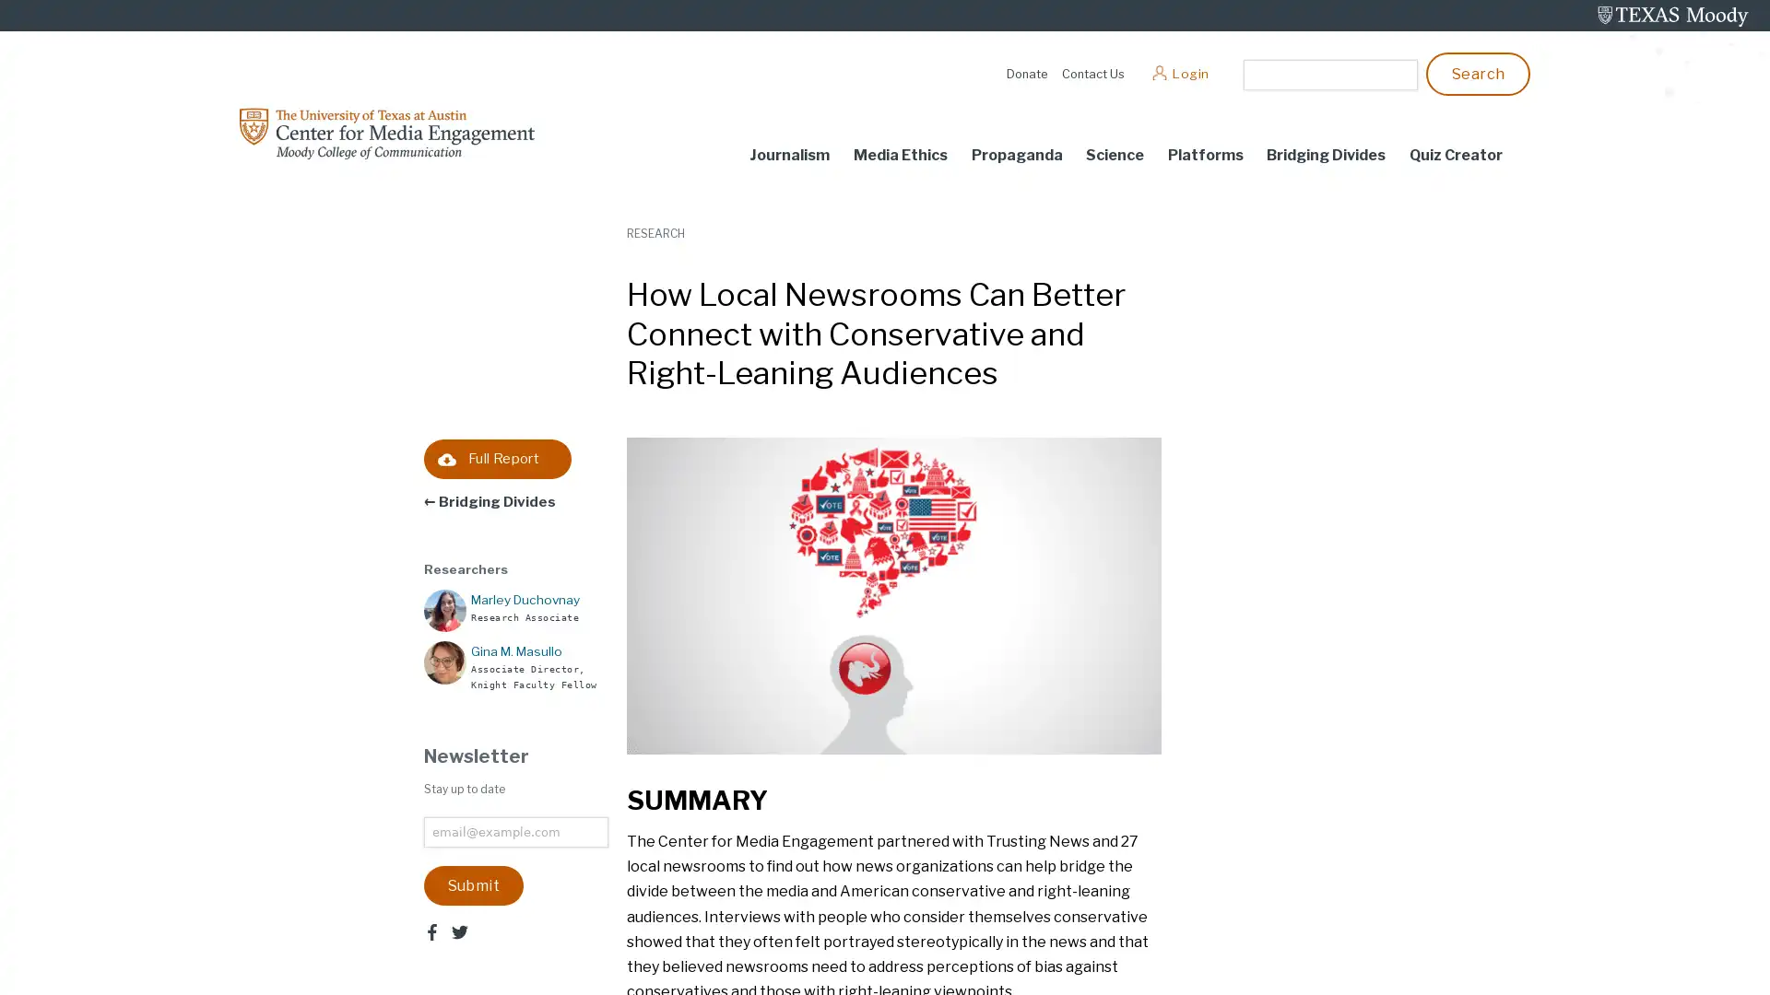  I want to click on Search, so click(1478, 72).